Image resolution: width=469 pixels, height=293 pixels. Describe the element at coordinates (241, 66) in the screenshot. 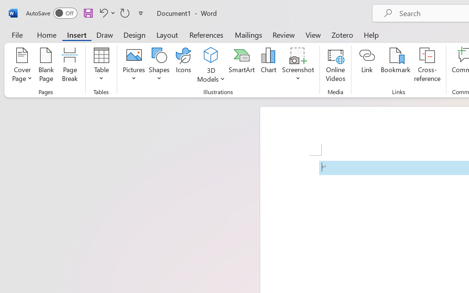

I see `'SmartArt...'` at that location.